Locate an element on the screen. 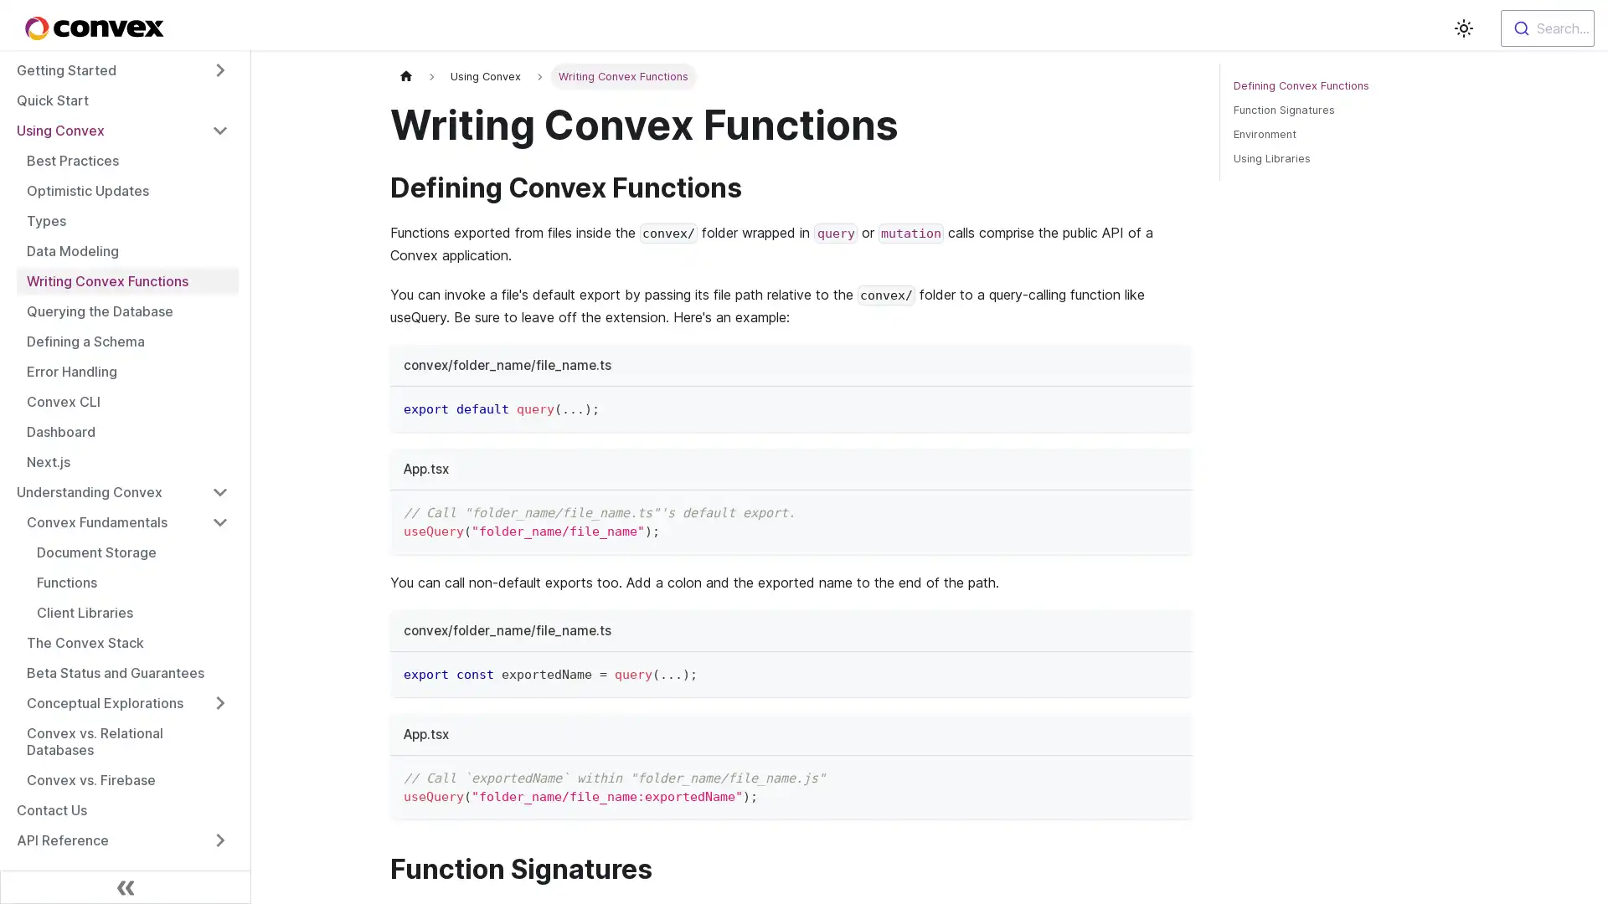 The image size is (1608, 904). Switch between dark and light mode (currently light mode) is located at coordinates (1462, 28).